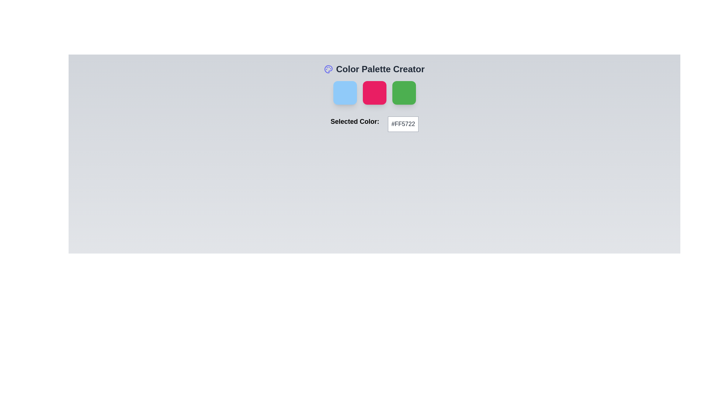  Describe the element at coordinates (380, 69) in the screenshot. I see `the bold textual heading 'Color Palette Creator' which is prominently positioned near the top center of the interface, to the right of a palette icon` at that location.